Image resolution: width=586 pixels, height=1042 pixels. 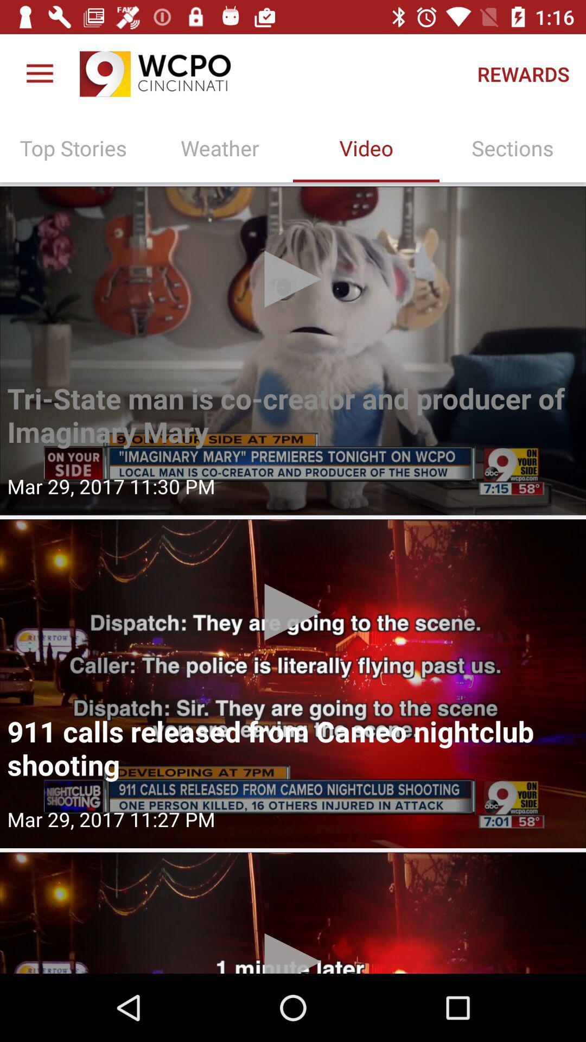 What do you see at coordinates (293, 683) in the screenshot?
I see `the video` at bounding box center [293, 683].